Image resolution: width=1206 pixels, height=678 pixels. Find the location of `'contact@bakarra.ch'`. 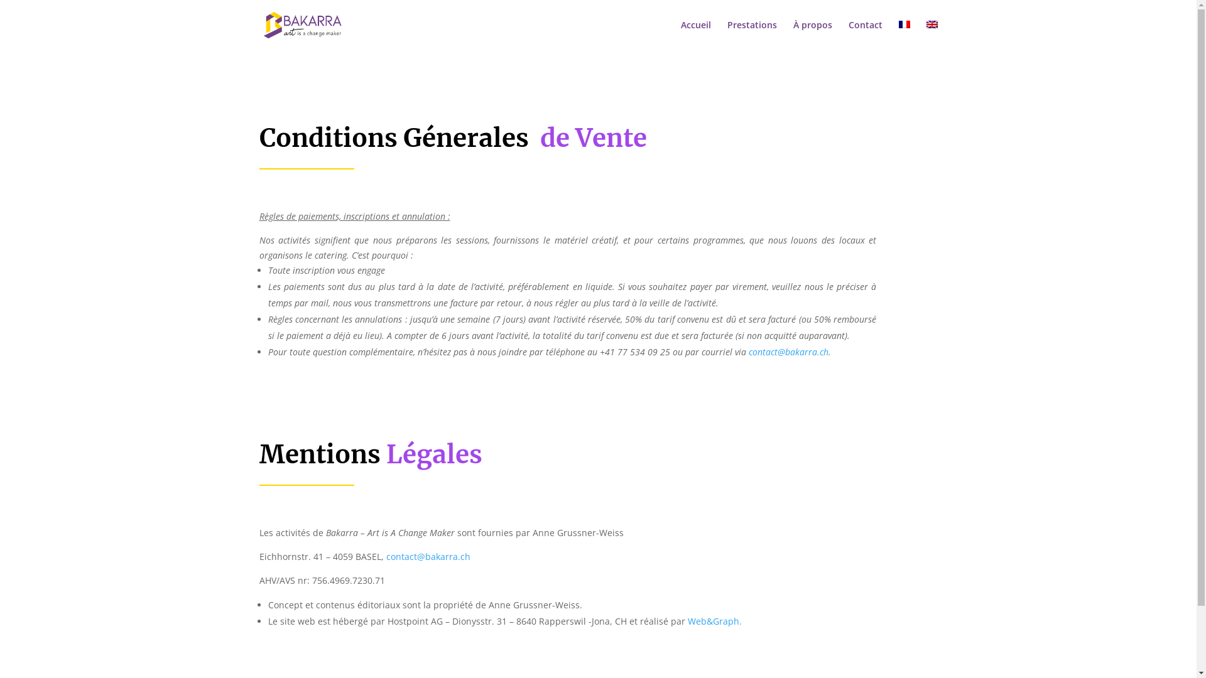

'contact@bakarra.ch' is located at coordinates (748, 352).